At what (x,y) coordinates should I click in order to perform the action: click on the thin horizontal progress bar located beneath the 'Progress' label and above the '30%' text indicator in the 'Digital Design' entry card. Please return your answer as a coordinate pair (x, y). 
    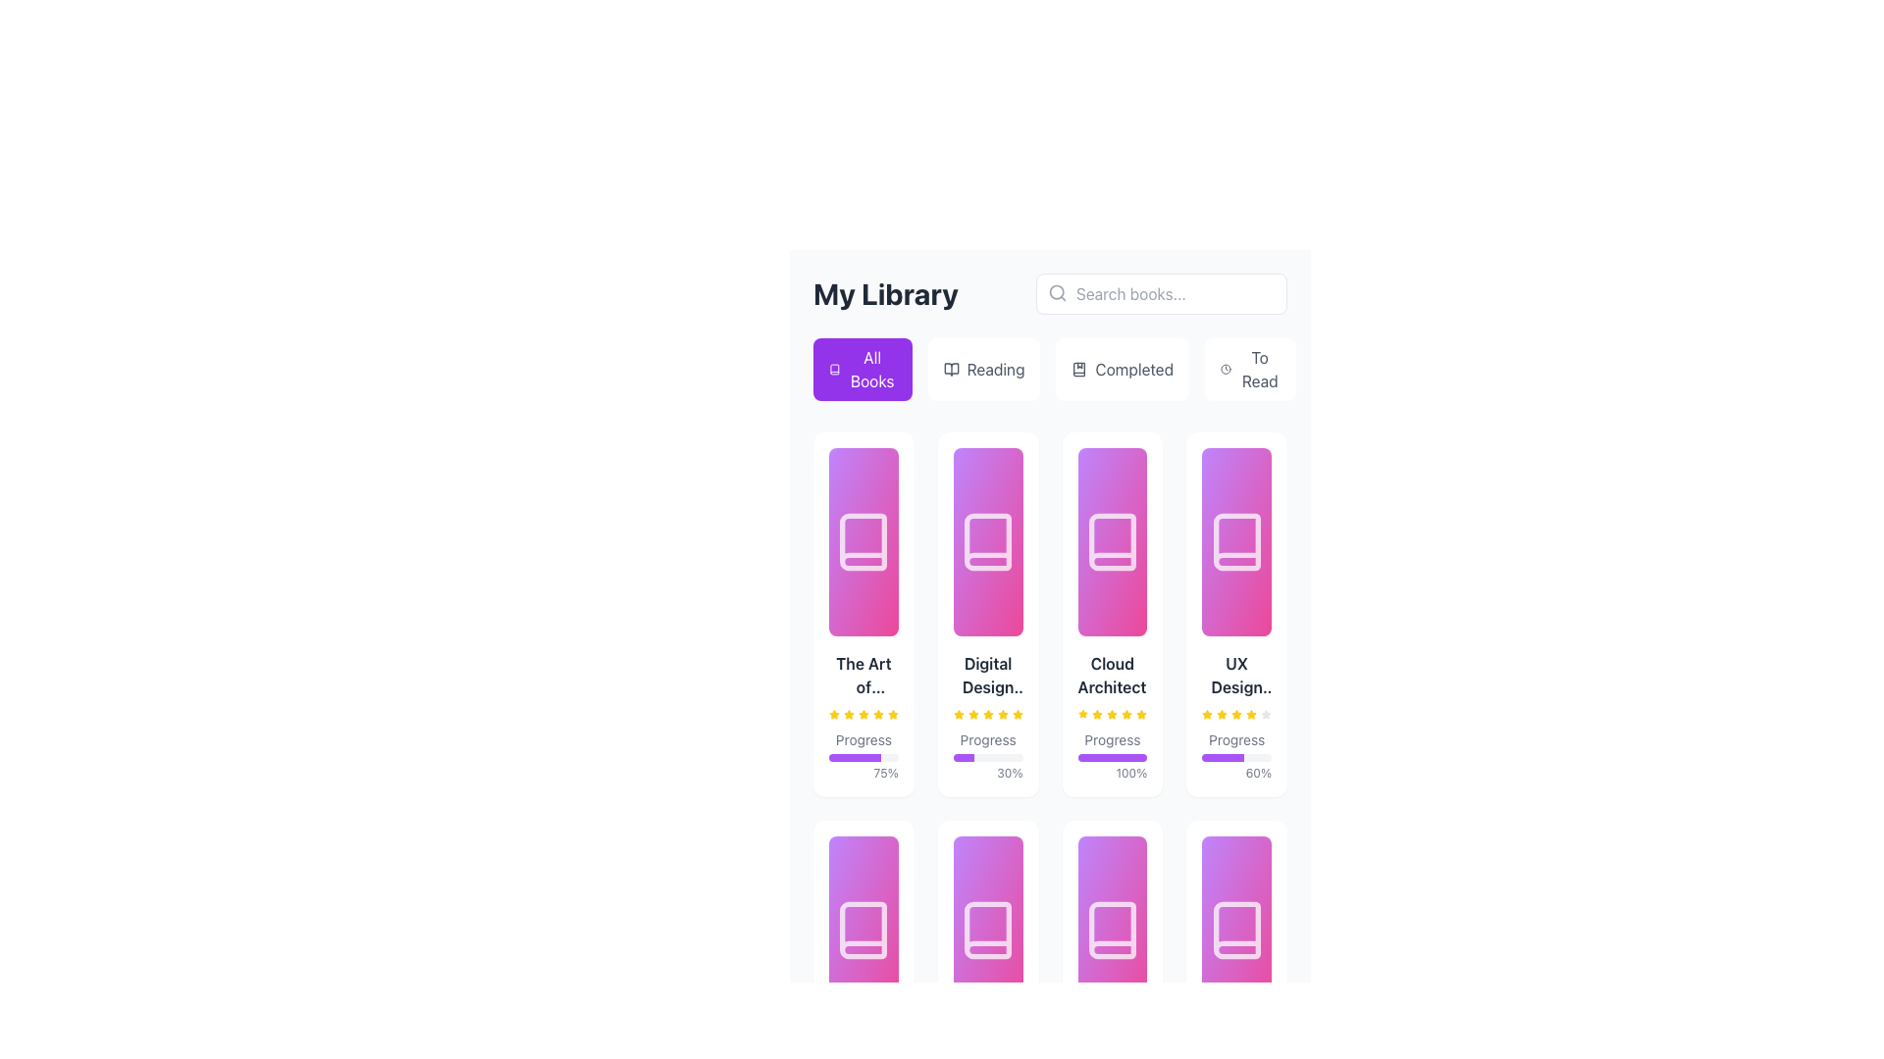
    Looking at the image, I should click on (988, 756).